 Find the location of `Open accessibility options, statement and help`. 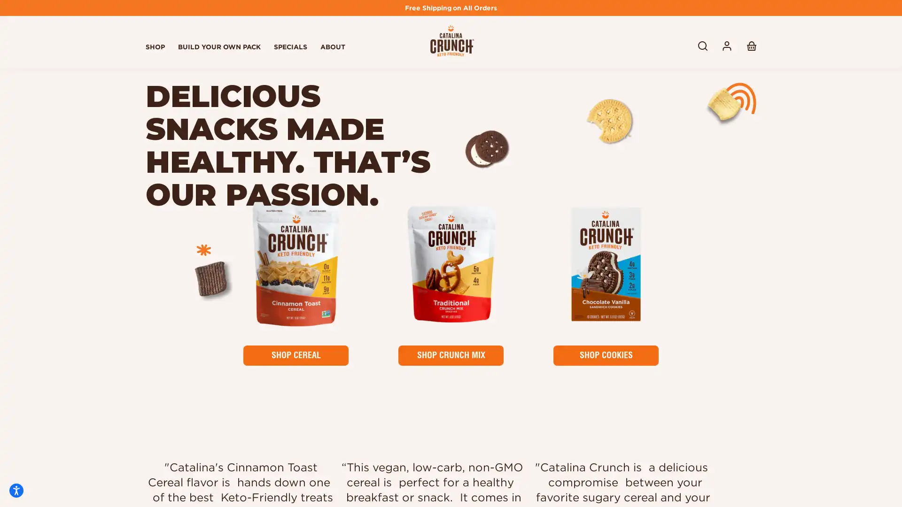

Open accessibility options, statement and help is located at coordinates (16, 490).